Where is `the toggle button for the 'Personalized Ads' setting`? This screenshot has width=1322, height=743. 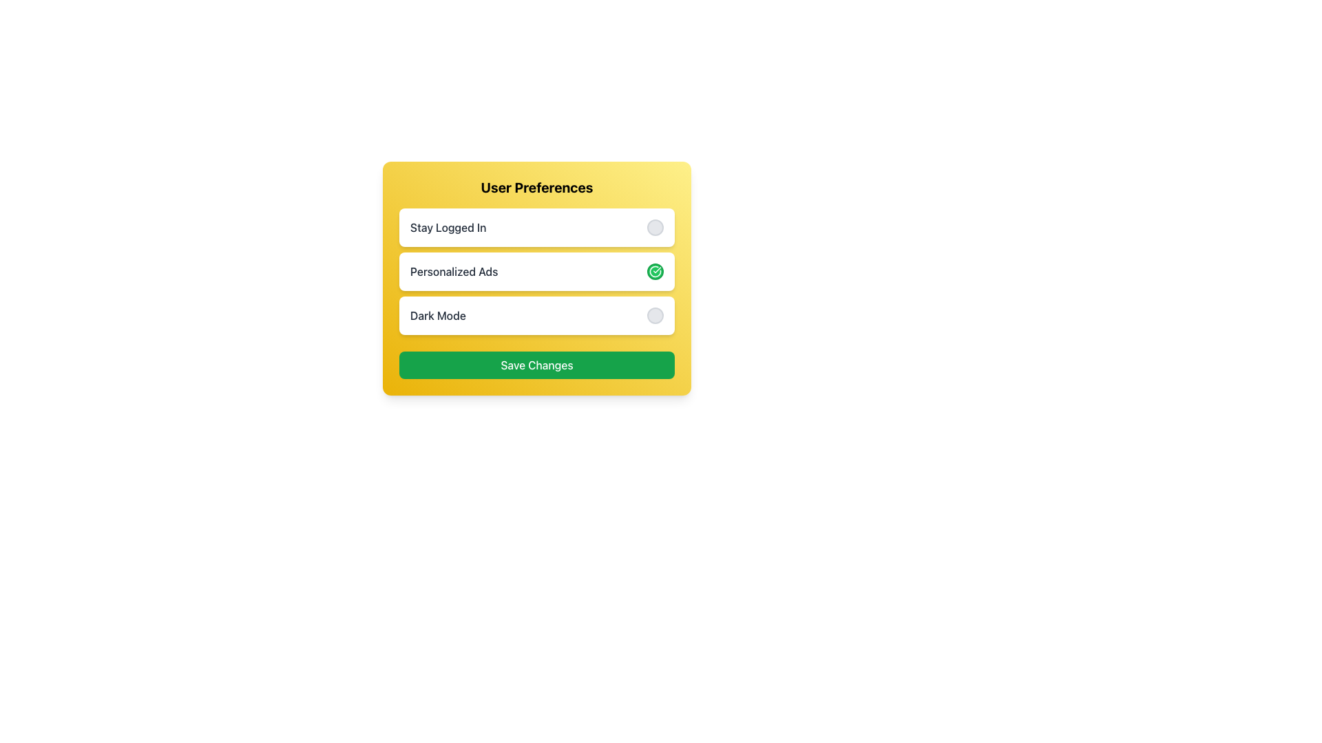 the toggle button for the 'Personalized Ads' setting is located at coordinates (654, 271).